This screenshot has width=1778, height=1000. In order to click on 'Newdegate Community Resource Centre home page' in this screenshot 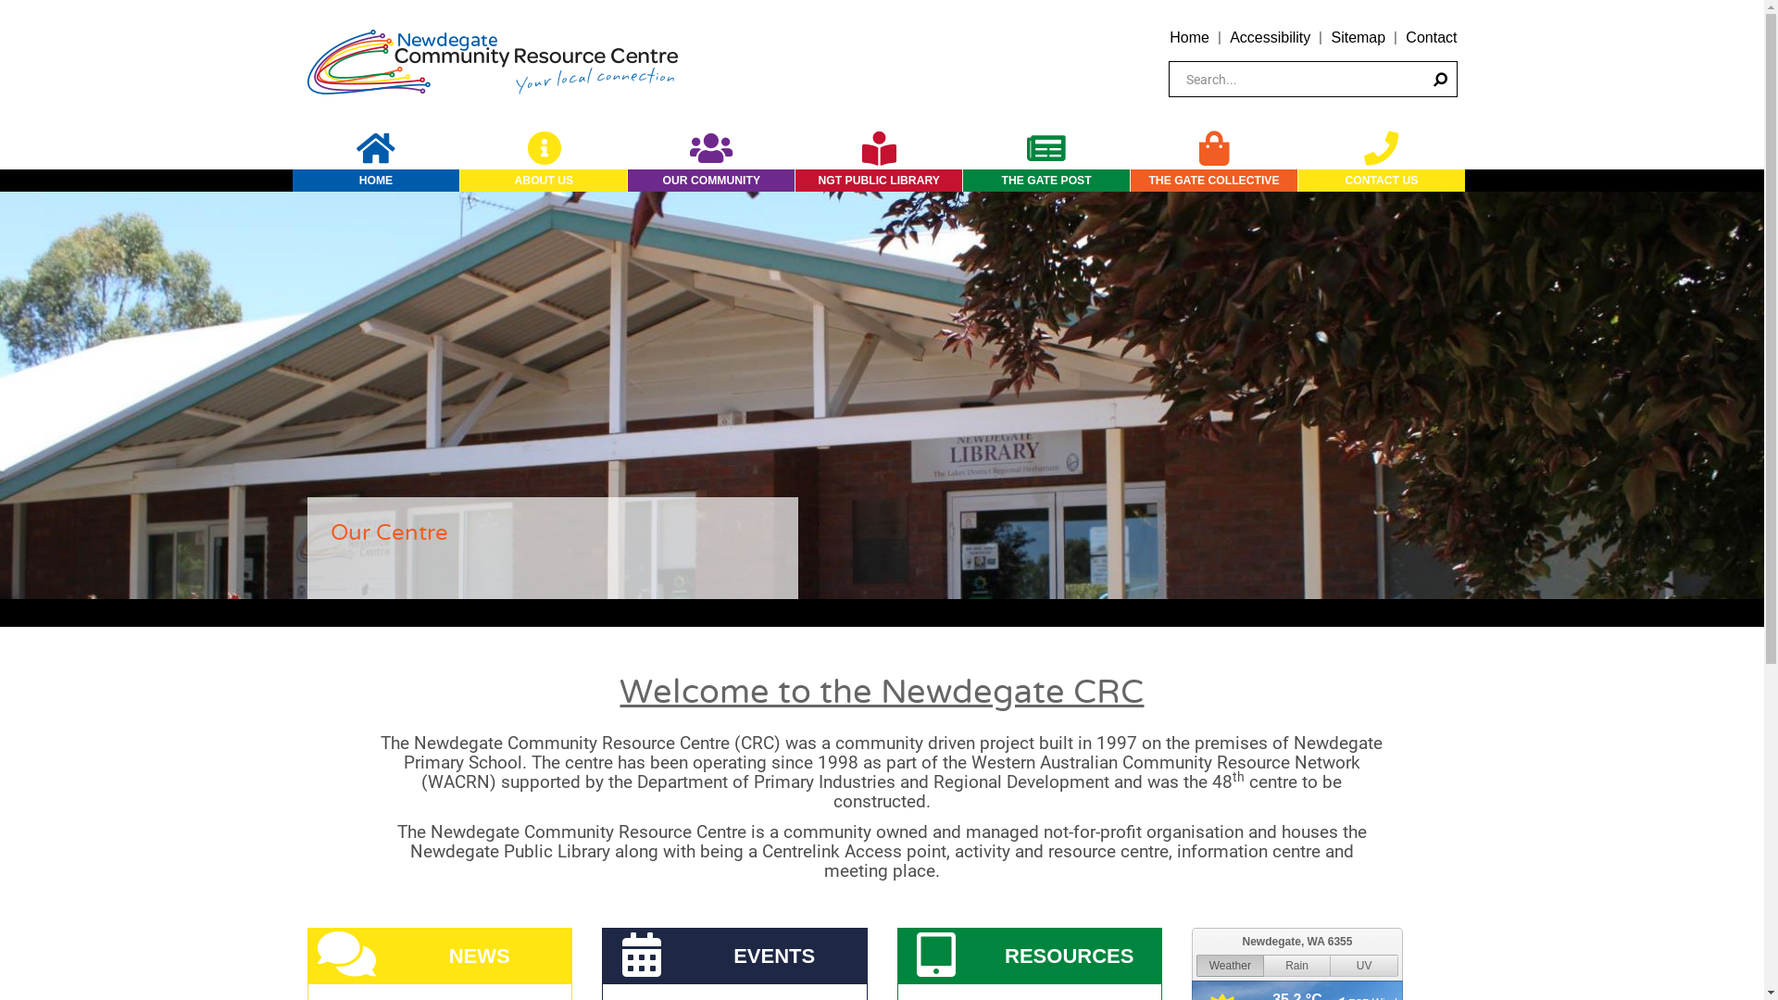, I will do `click(493, 59)`.